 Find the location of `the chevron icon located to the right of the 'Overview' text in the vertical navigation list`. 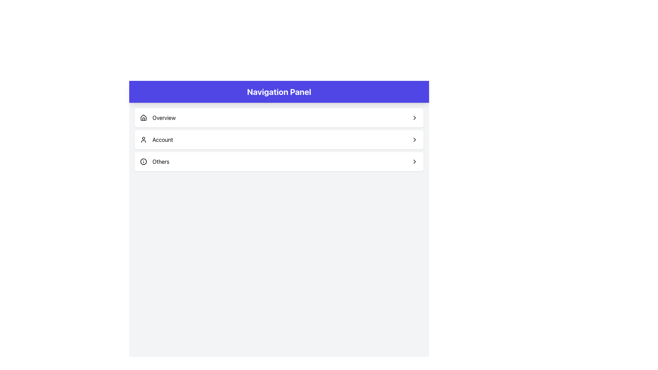

the chevron icon located to the right of the 'Overview' text in the vertical navigation list is located at coordinates (414, 117).